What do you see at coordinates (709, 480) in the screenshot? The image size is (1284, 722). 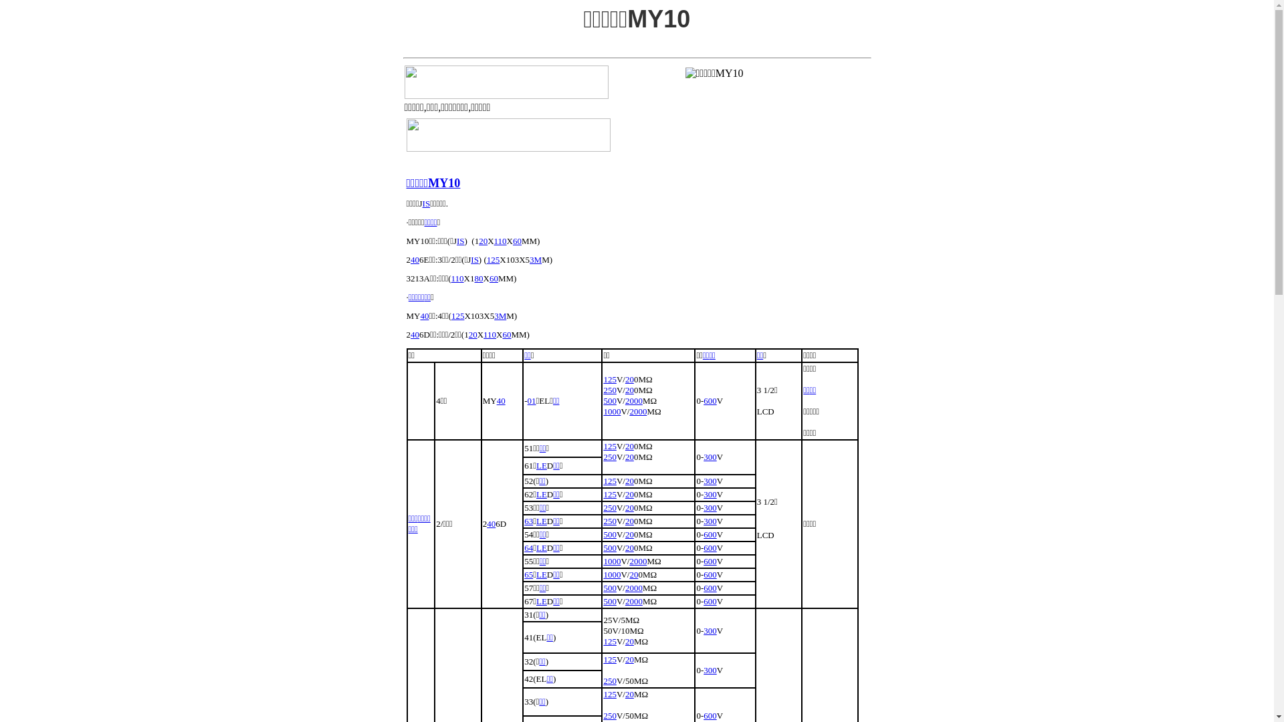 I see `'300'` at bounding box center [709, 480].